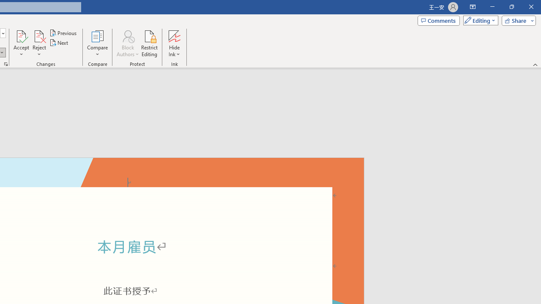 This screenshot has width=541, height=304. What do you see at coordinates (174, 43) in the screenshot?
I see `'Hide Ink'` at bounding box center [174, 43].